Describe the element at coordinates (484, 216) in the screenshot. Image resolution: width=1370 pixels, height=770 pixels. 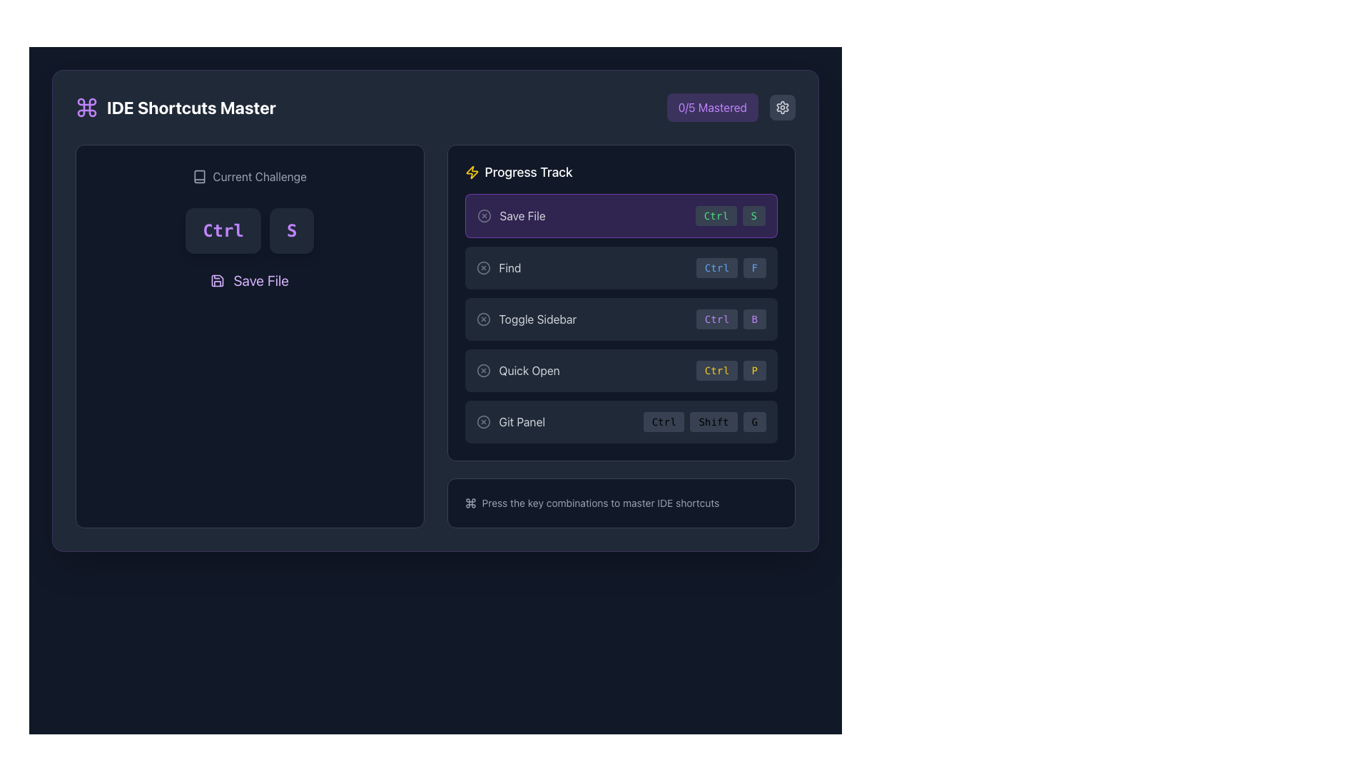
I see `the 'Save File' icon, which is a circular icon with a cross, located at the leftmost position within the 'Progress Track' list` at that location.